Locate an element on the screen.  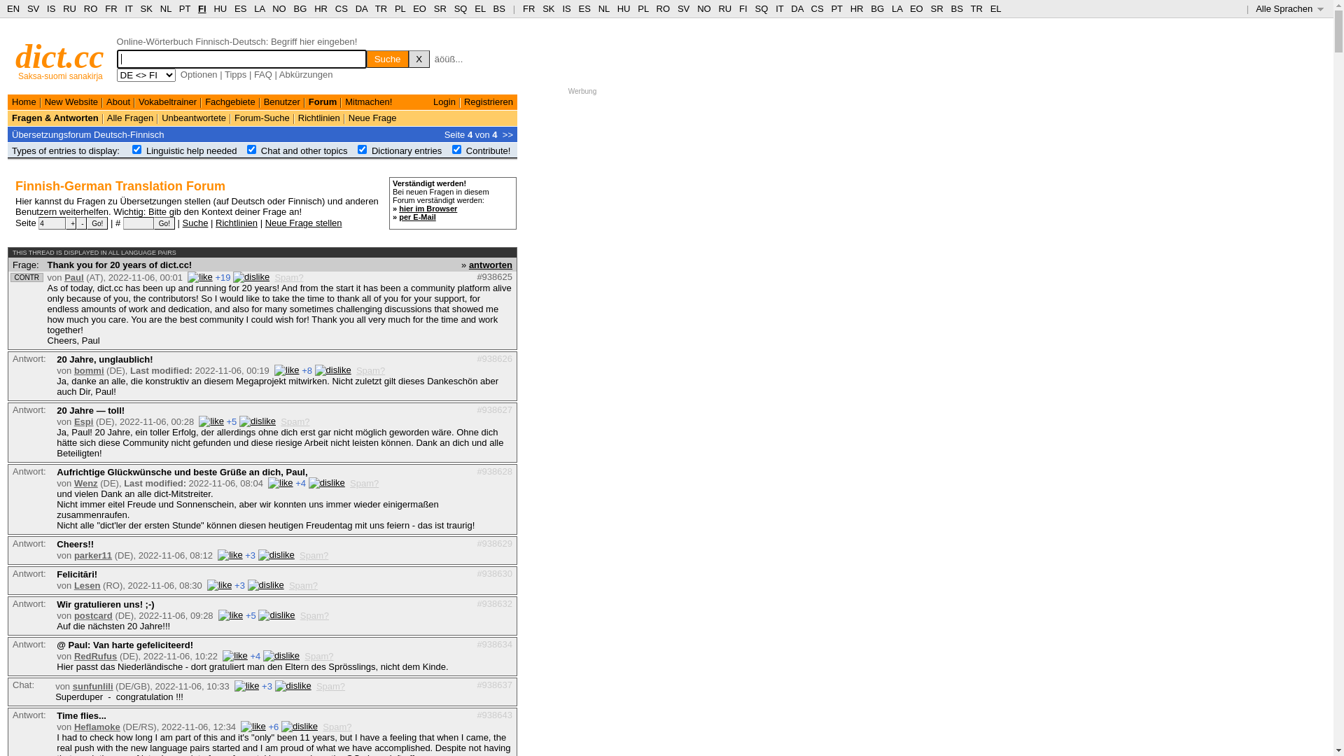
'Lesen' is located at coordinates (86, 585).